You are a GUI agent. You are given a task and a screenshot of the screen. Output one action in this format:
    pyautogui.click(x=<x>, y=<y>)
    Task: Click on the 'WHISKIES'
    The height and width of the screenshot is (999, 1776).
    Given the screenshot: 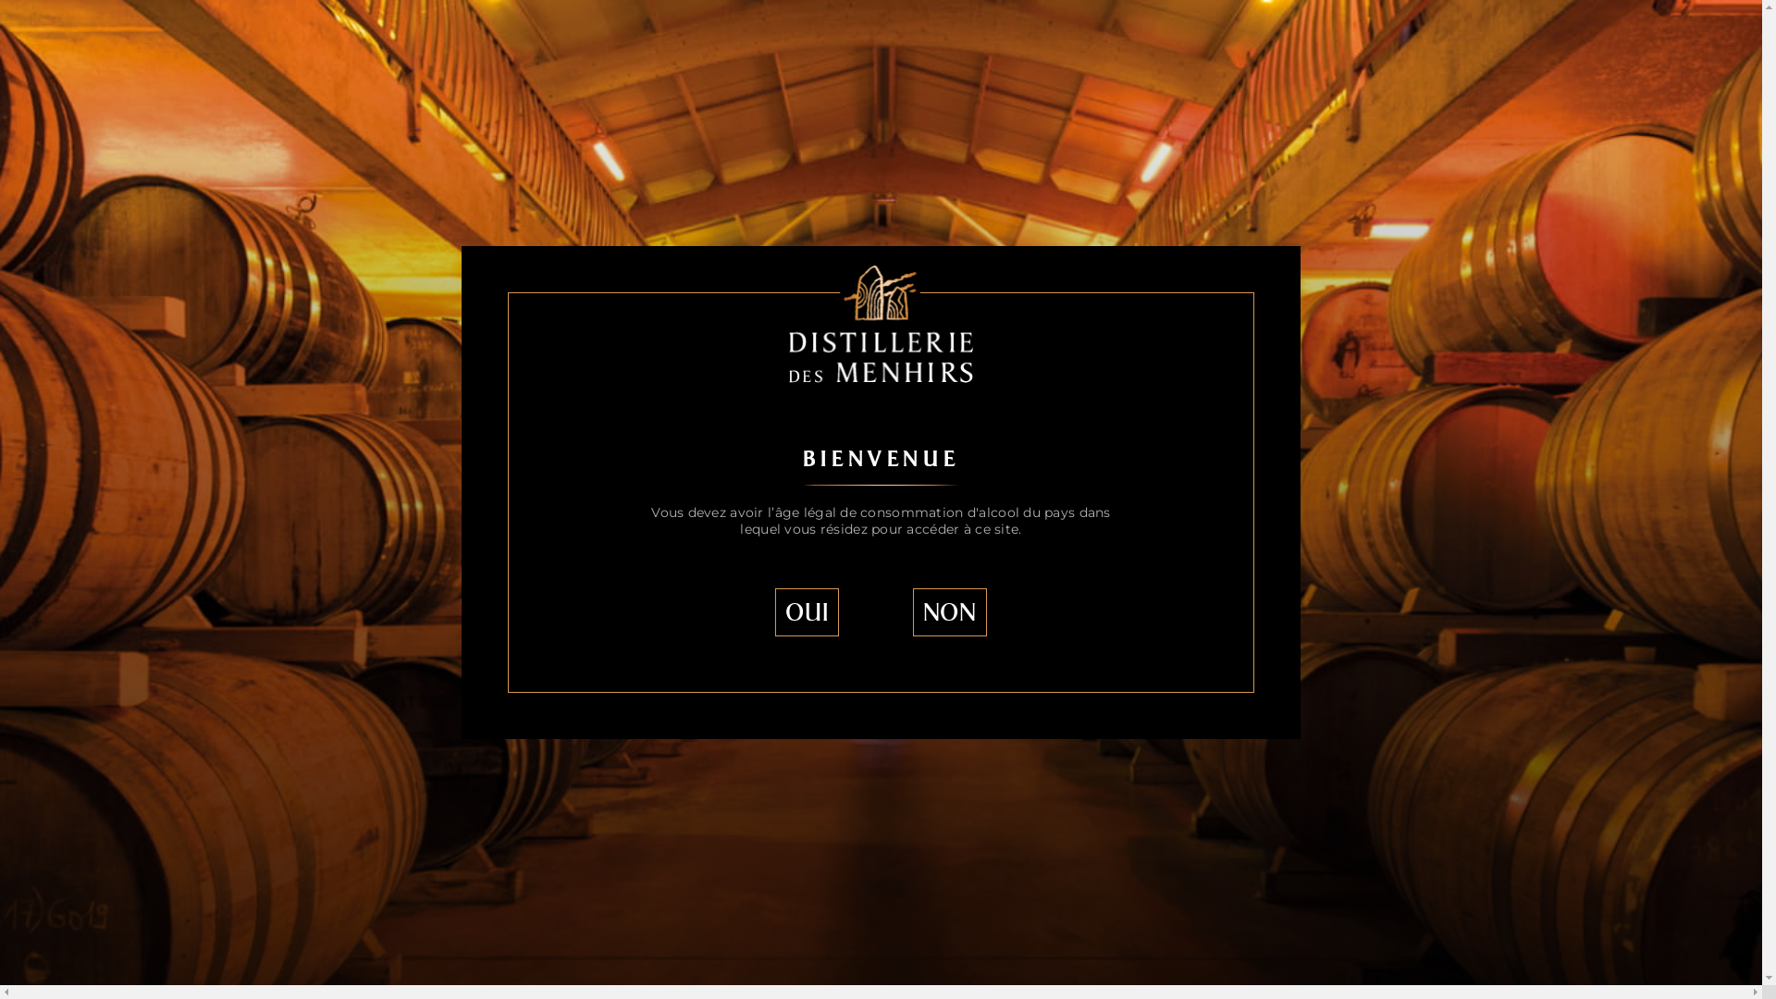 What is the action you would take?
    pyautogui.click(x=712, y=42)
    